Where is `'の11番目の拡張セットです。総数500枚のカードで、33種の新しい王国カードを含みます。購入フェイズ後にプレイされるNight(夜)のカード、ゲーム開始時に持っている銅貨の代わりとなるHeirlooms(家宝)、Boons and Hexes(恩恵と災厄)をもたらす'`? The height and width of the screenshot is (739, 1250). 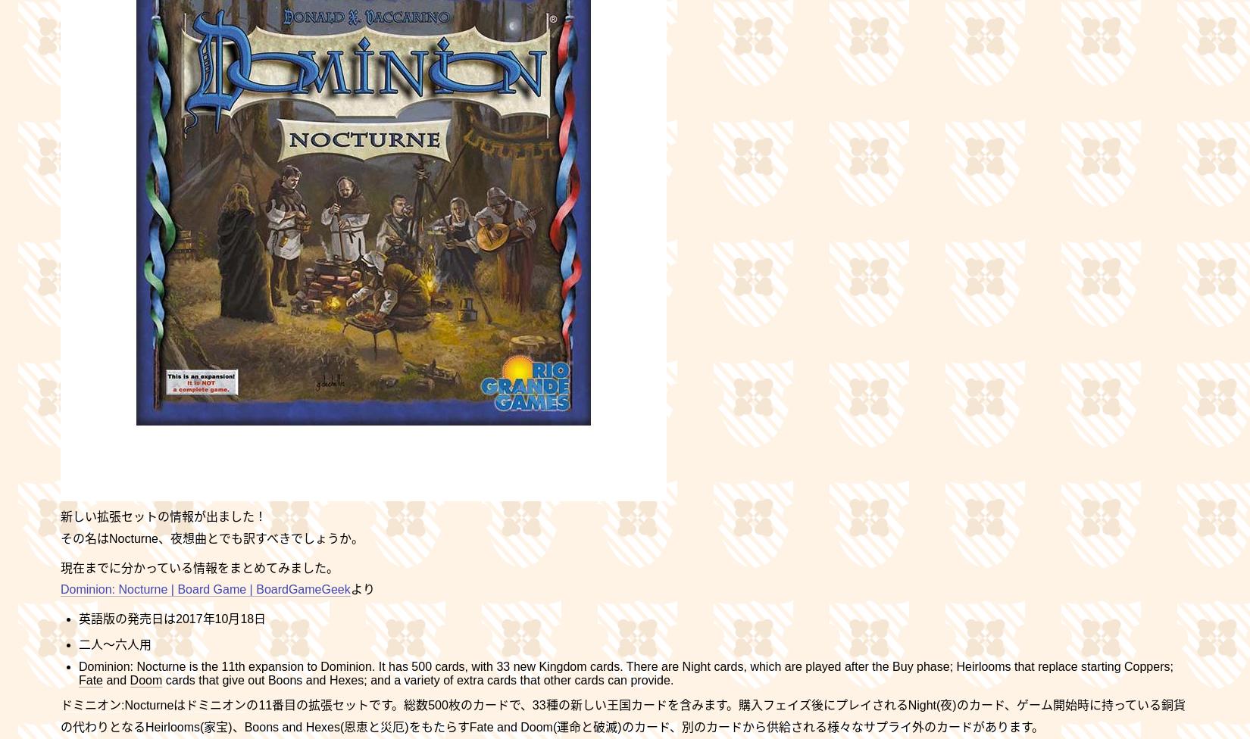 'の11番目の拡張セットです。総数500枚のカードで、33種の新しい王国カードを含みます。購入フェイズ後にプレイされるNight(夜)のカード、ゲーム開始時に持っている銅貨の代わりとなるHeirlooms(家宝)、Boons and Hexes(恩恵と災厄)をもたらす' is located at coordinates (622, 715).